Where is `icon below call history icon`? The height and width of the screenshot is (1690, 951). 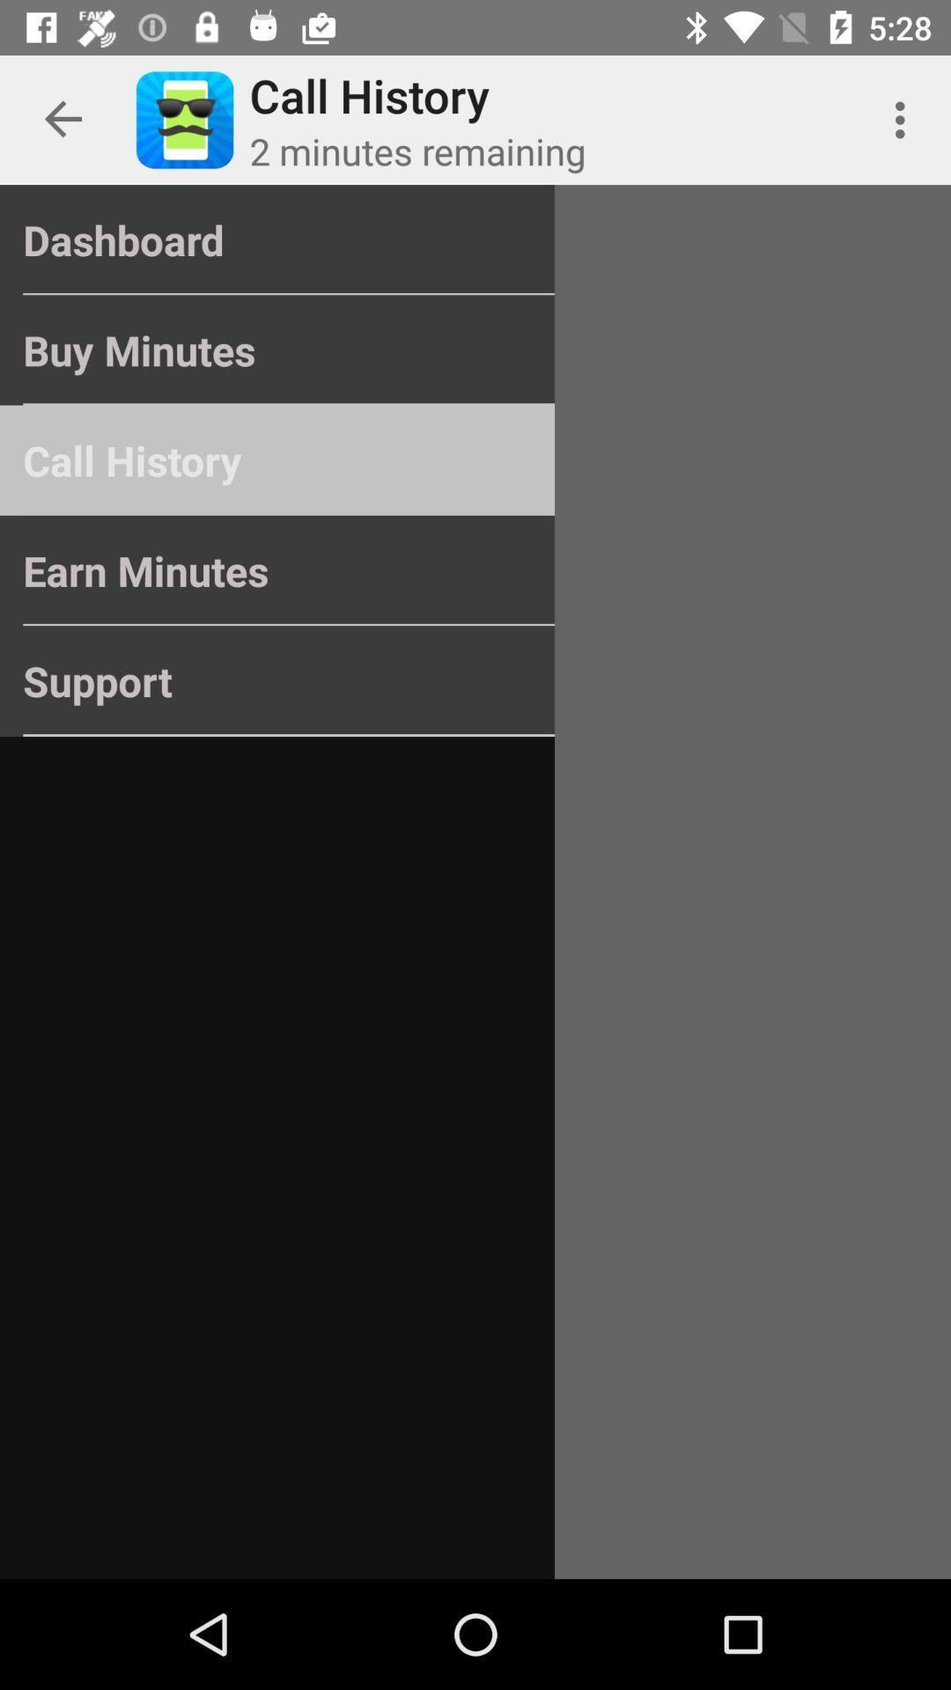 icon below call history icon is located at coordinates (277, 570).